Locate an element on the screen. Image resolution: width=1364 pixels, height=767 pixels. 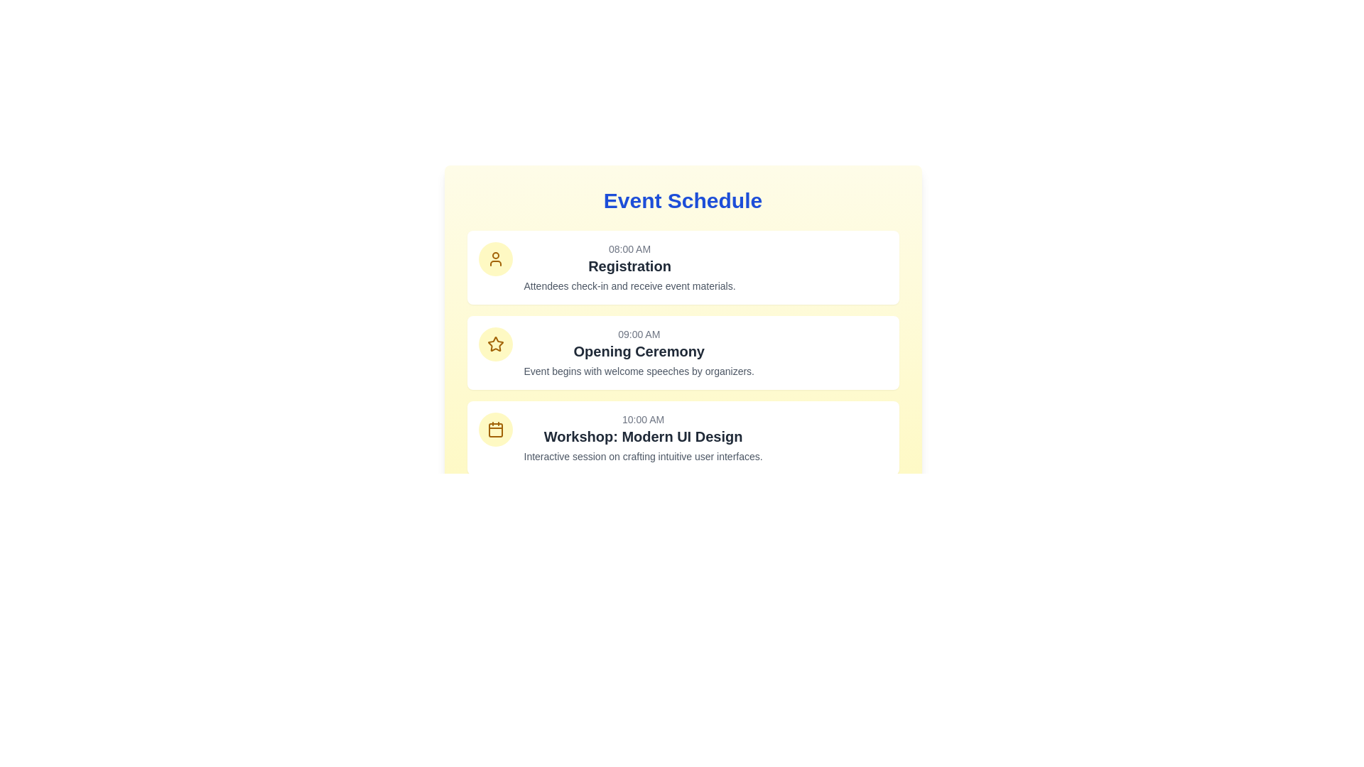
the static text element that serves as a title for a schedule entry, located between the '10:00 AM' time text and the description text 'Interactive session on crafting intuitive user interfaces.' is located at coordinates (642, 435).